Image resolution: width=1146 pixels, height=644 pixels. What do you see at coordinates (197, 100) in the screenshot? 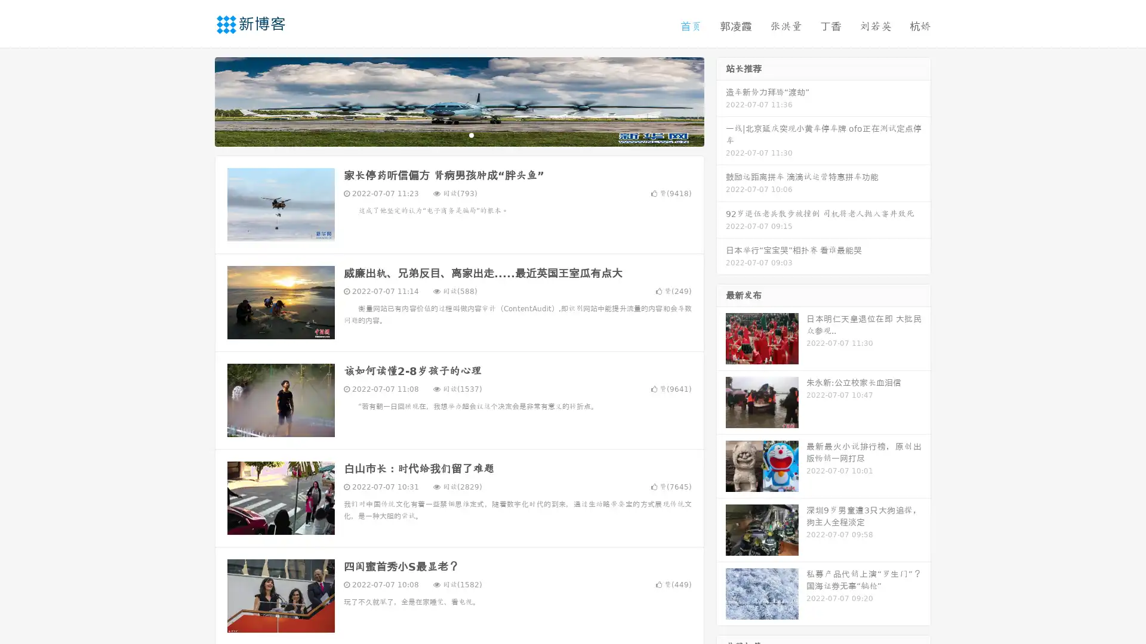
I see `Previous slide` at bounding box center [197, 100].